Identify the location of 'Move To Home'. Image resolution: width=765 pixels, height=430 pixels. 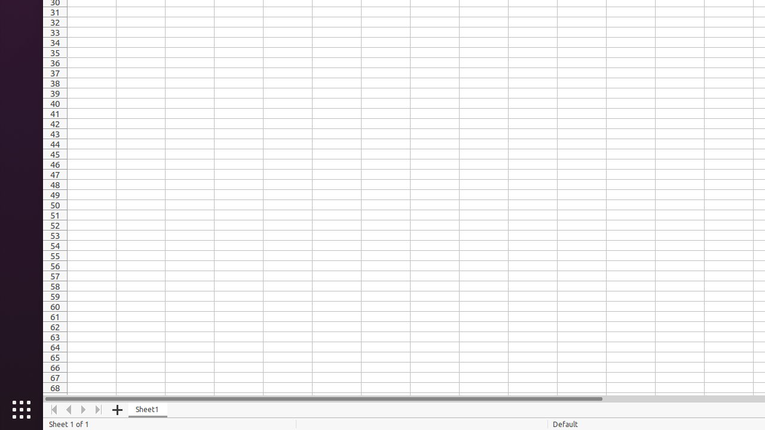
(53, 409).